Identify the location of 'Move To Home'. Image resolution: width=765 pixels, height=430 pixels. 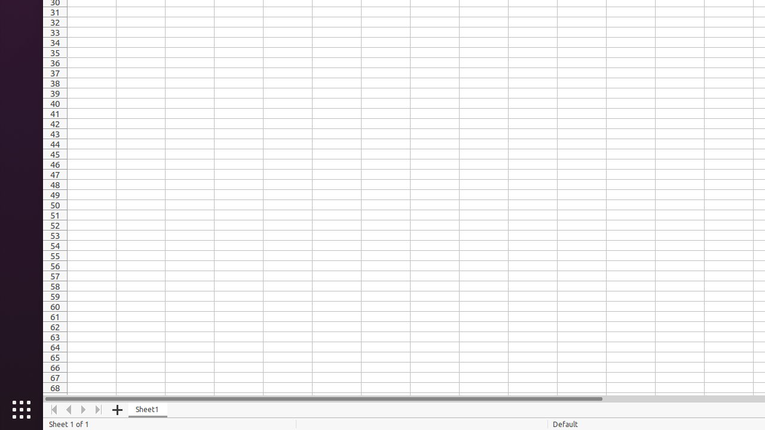
(53, 409).